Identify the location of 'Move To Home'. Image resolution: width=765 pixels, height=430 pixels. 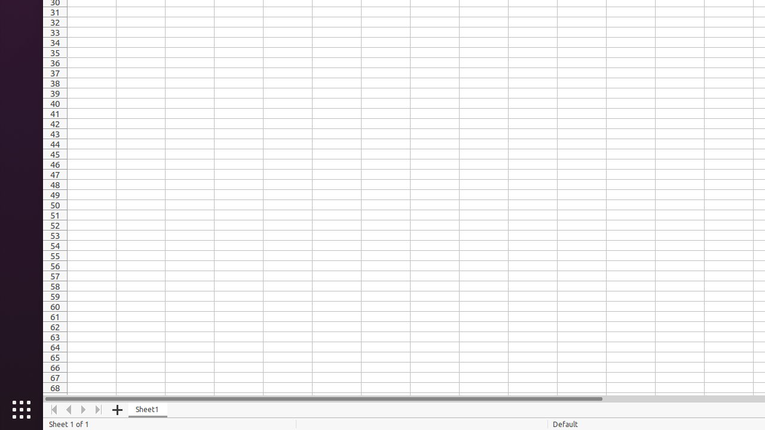
(53, 409).